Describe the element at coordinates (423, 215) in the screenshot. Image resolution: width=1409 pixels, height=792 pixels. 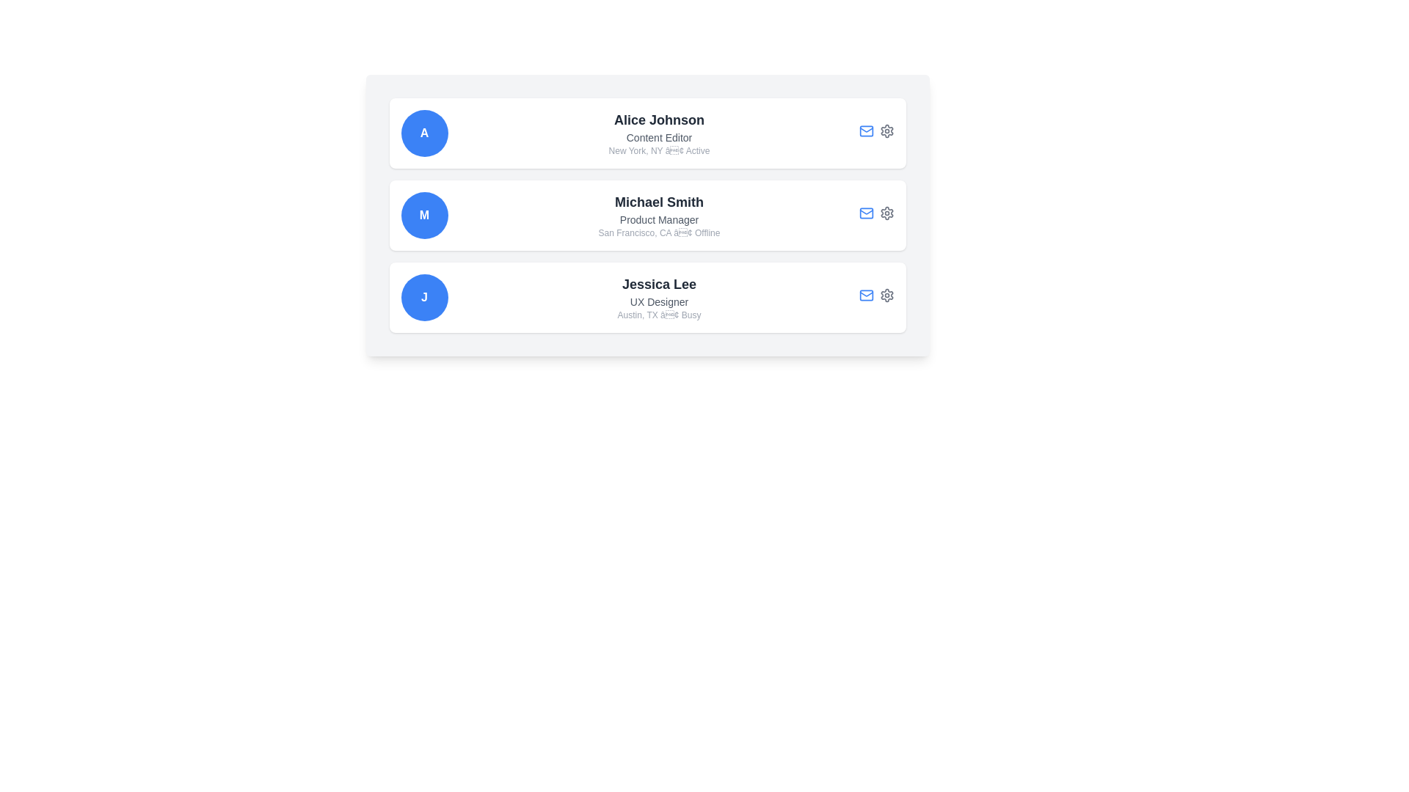
I see `the user profile indicator for 'Michael Smith', which is the second circular icon in the list of user avatars` at that location.